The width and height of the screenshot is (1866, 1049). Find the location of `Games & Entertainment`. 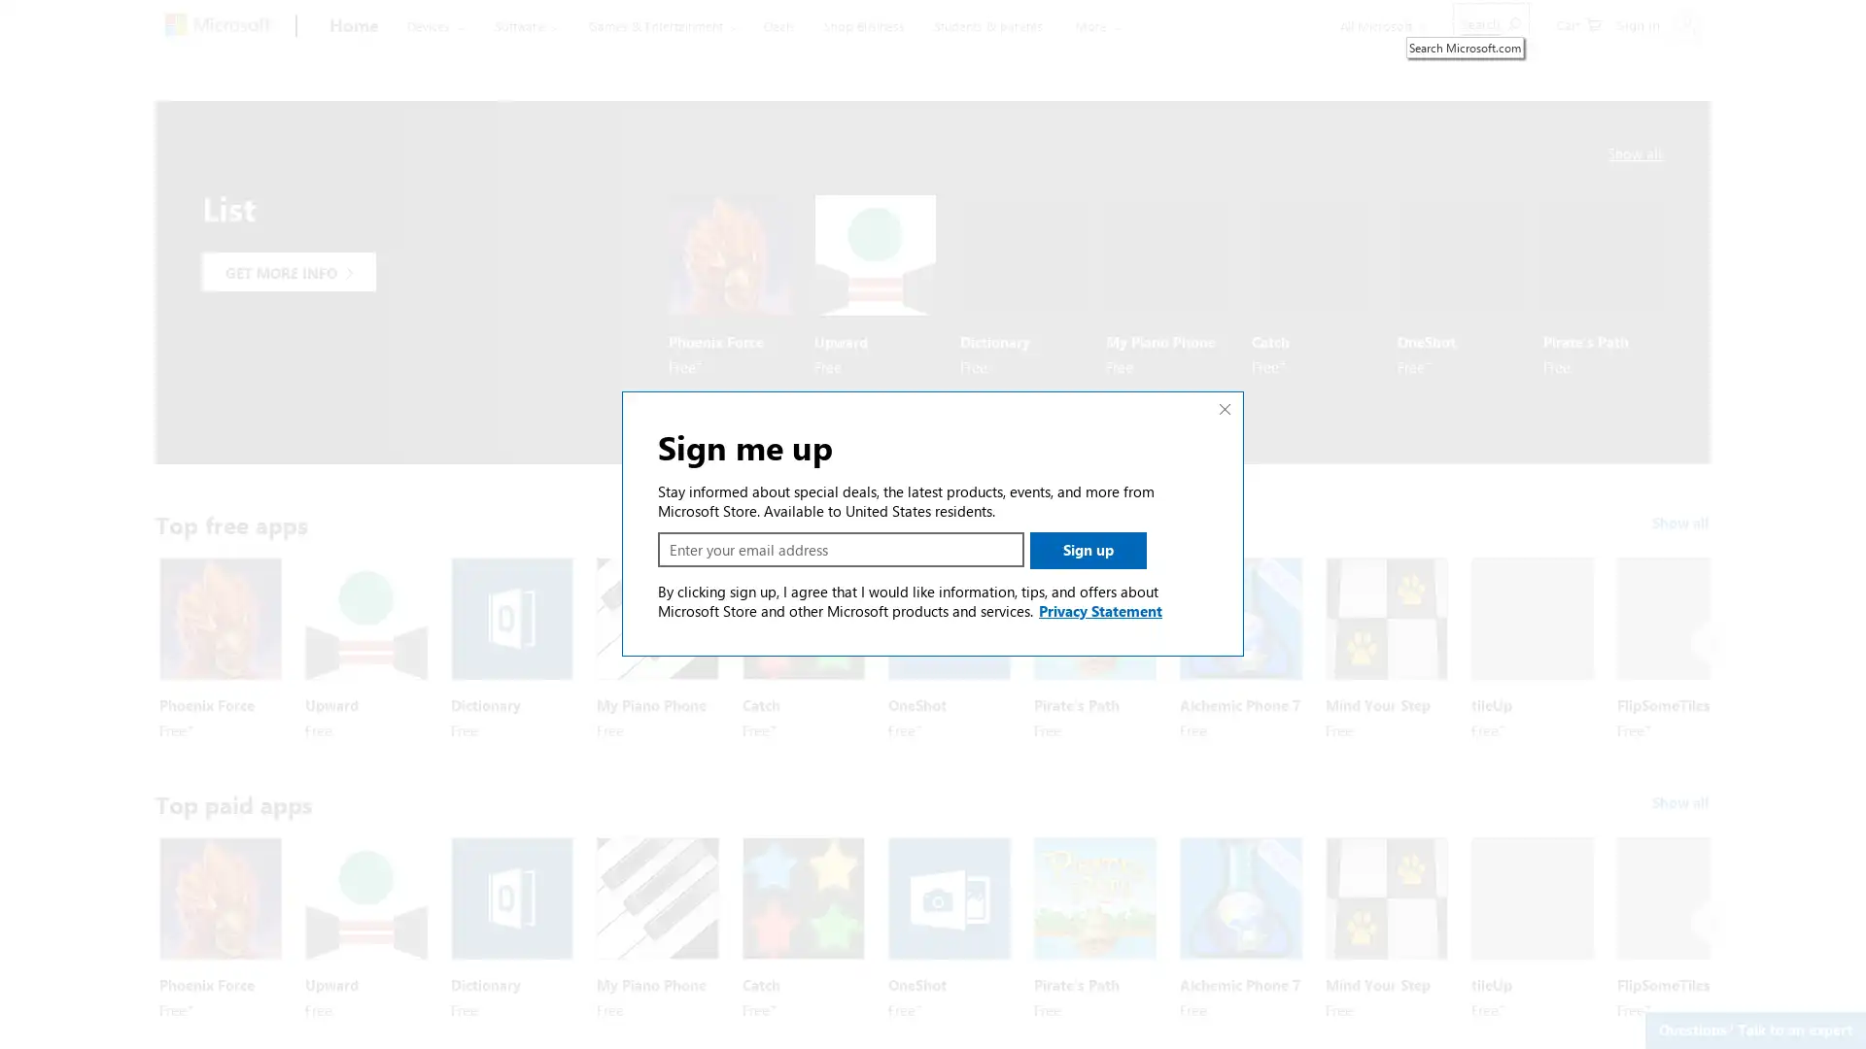

Games & Entertainment is located at coordinates (662, 25).